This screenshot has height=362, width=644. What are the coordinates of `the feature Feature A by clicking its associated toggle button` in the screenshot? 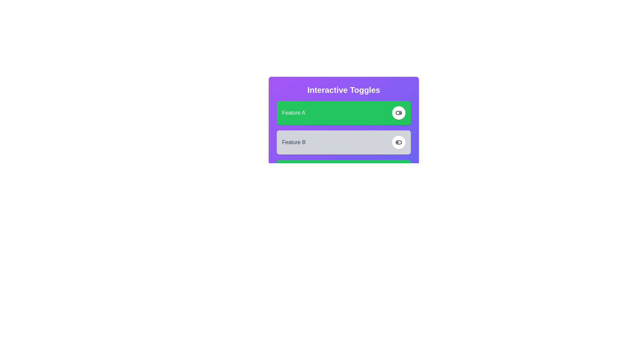 It's located at (399, 112).